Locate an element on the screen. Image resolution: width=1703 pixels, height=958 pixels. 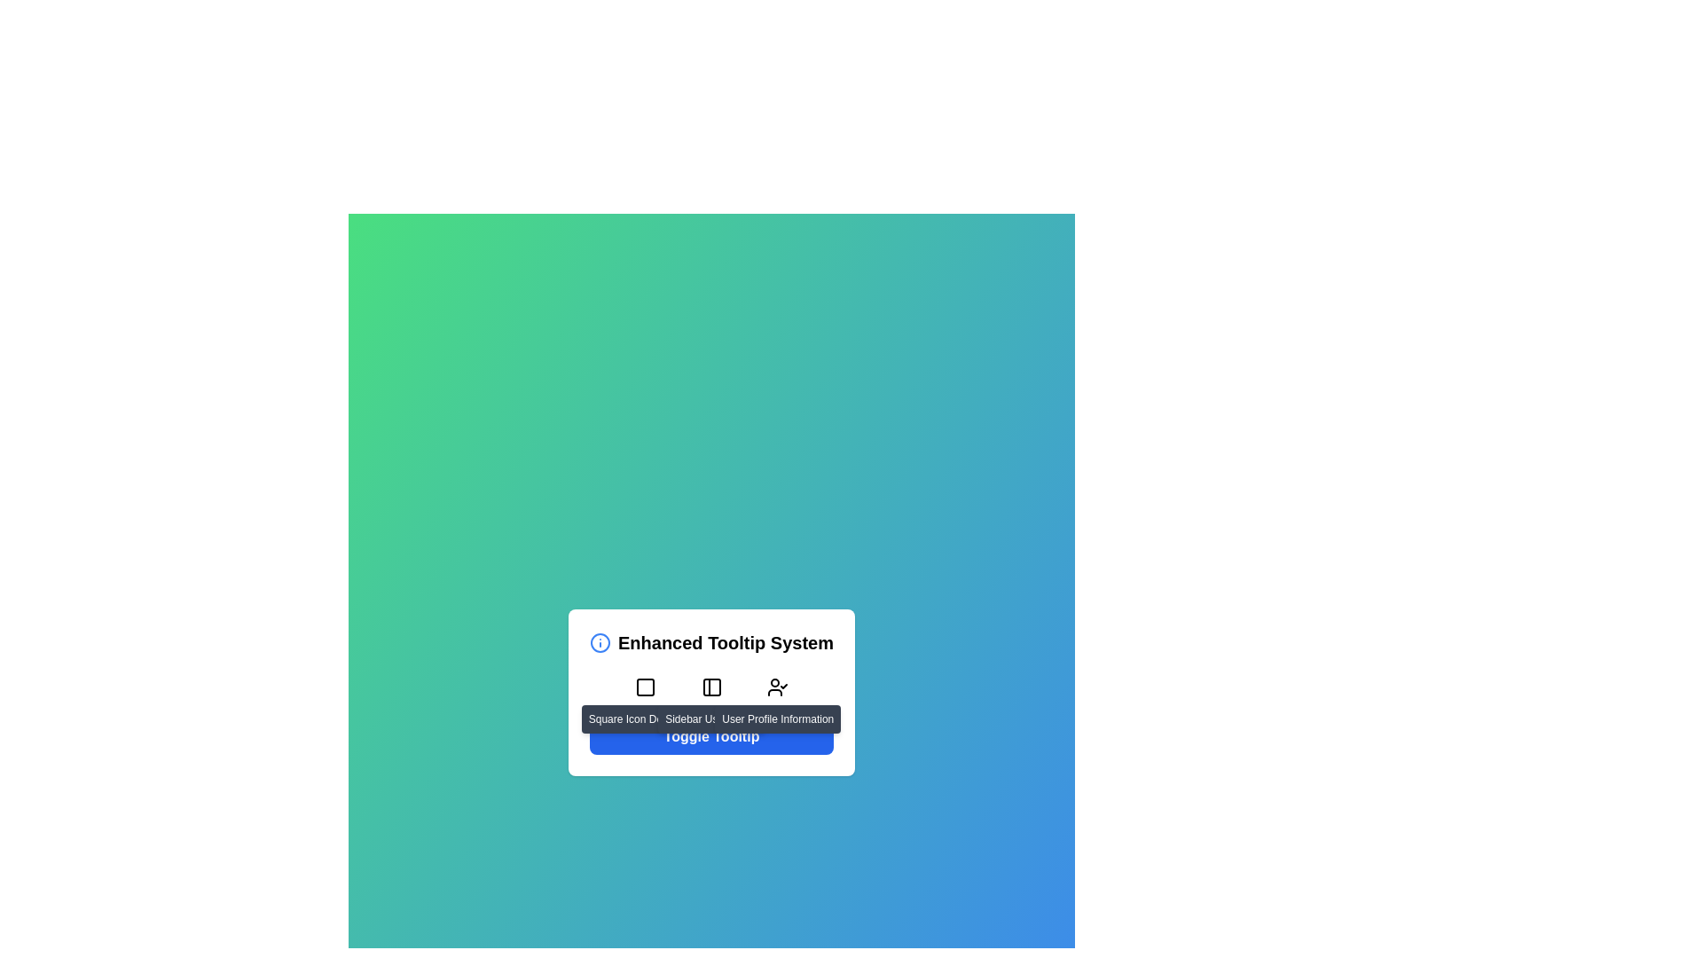
the second icon button in the row below the title 'Enhanced Tooltip System', which has a sidebar depiction icon is located at coordinates (711, 687).